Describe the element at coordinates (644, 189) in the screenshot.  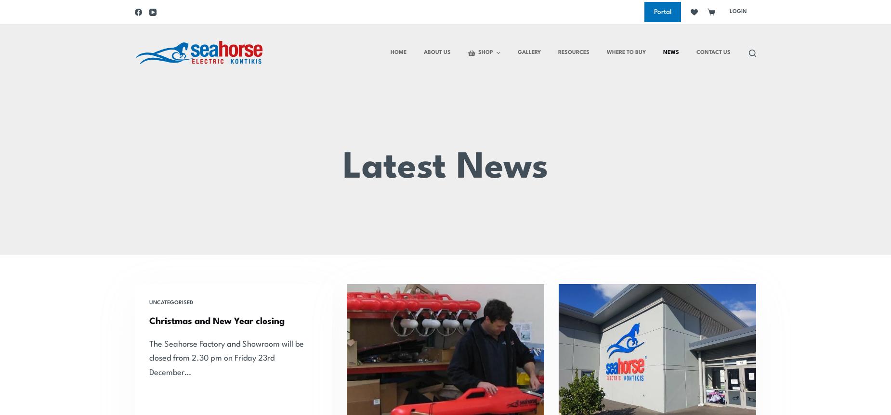
I see `'Who Are We And What Do We Do?'` at that location.